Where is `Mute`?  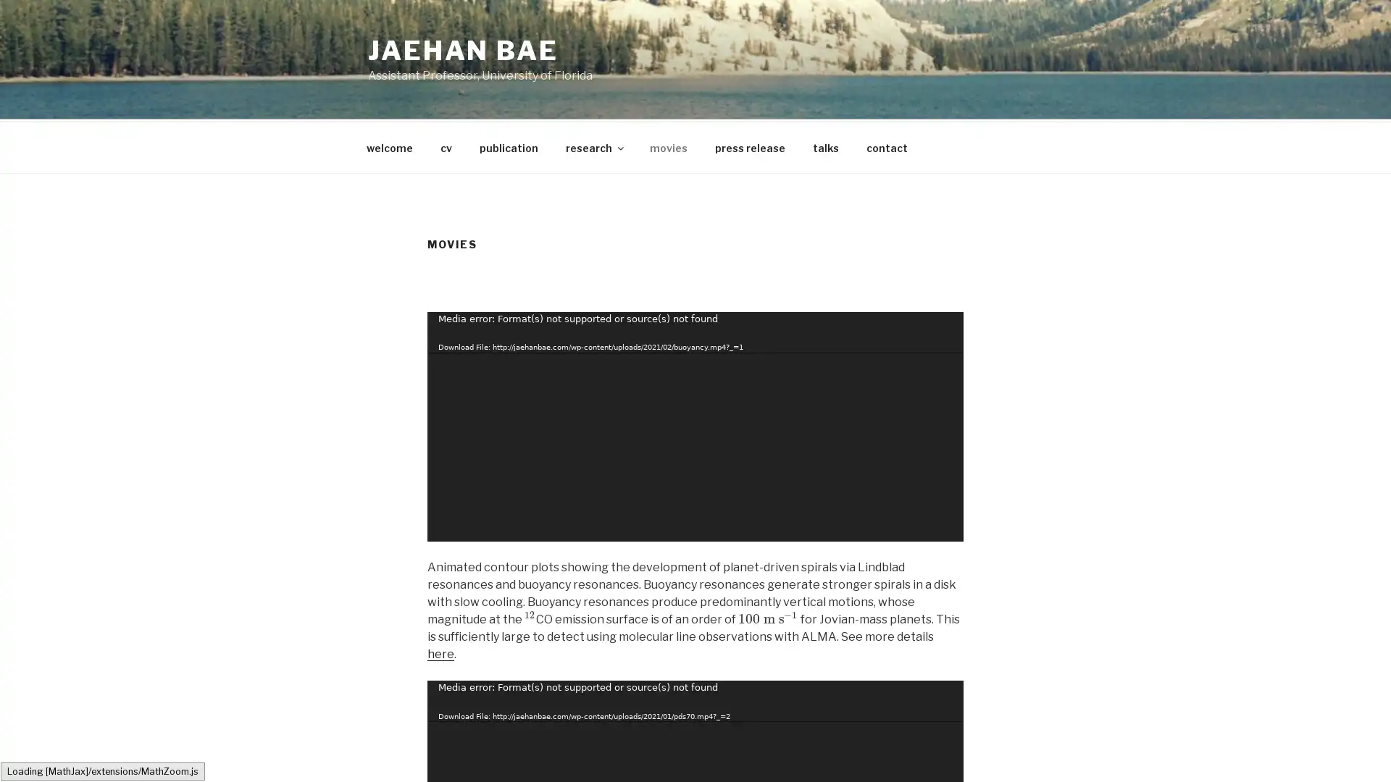 Mute is located at coordinates (921, 525).